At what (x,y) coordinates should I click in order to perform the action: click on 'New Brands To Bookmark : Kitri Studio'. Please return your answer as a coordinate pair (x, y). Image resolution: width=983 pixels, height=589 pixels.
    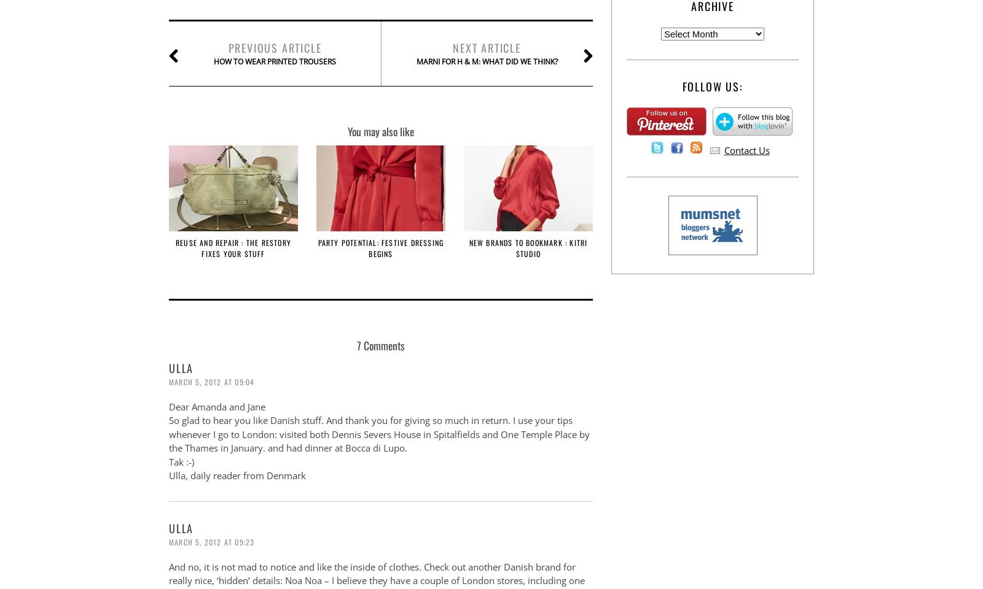
    Looking at the image, I should click on (527, 247).